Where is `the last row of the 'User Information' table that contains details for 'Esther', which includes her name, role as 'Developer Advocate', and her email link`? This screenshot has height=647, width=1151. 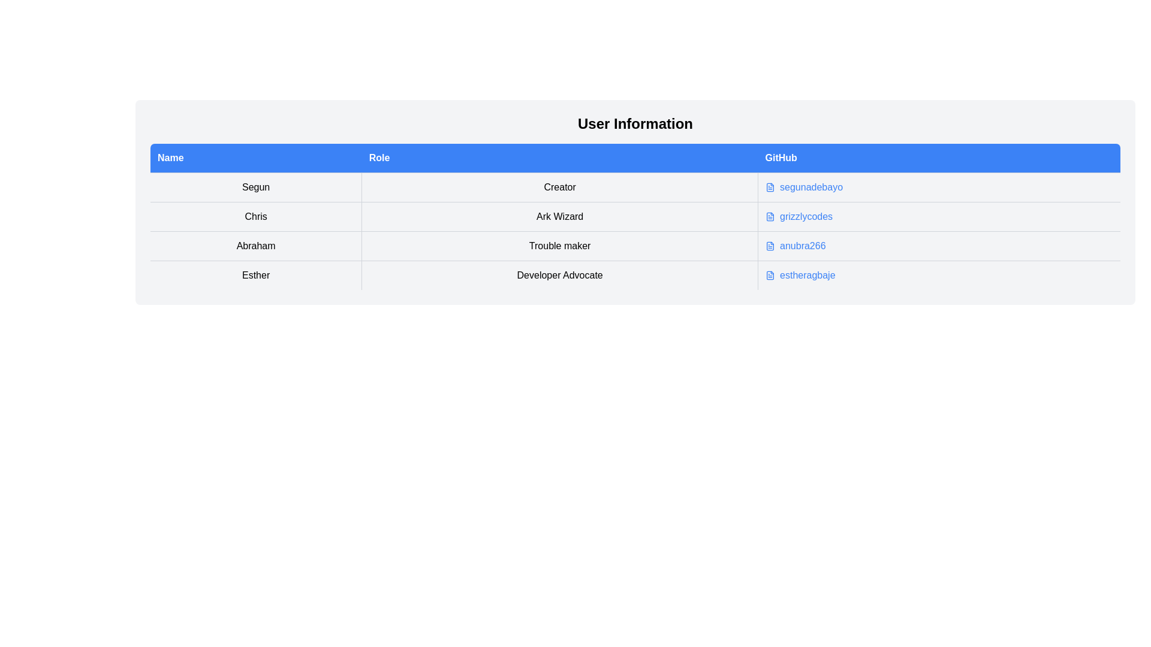 the last row of the 'User Information' table that contains details for 'Esther', which includes her name, role as 'Developer Advocate', and her email link is located at coordinates (635, 275).